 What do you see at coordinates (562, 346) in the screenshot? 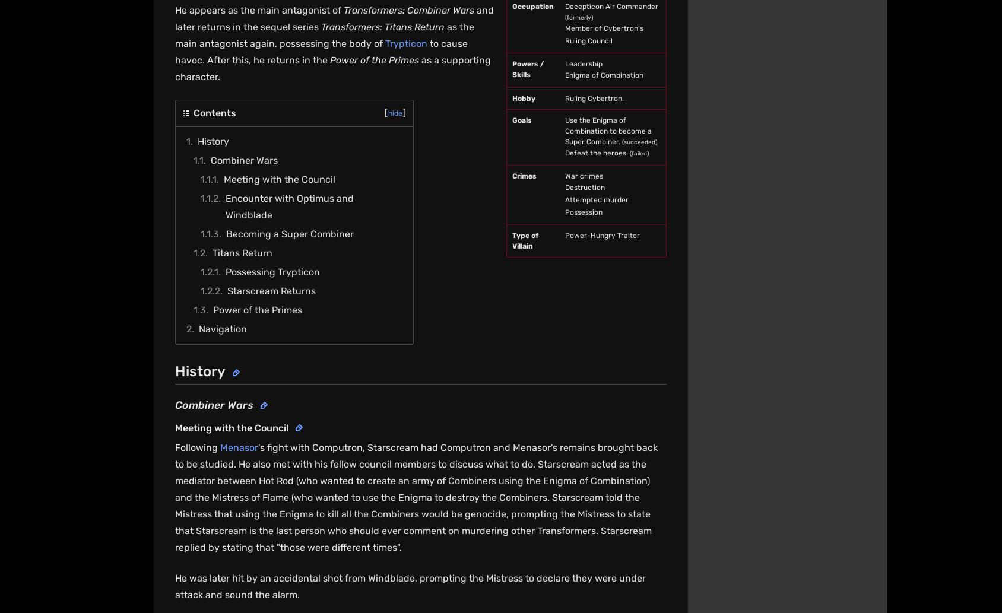
I see `'Community Central'` at bounding box center [562, 346].